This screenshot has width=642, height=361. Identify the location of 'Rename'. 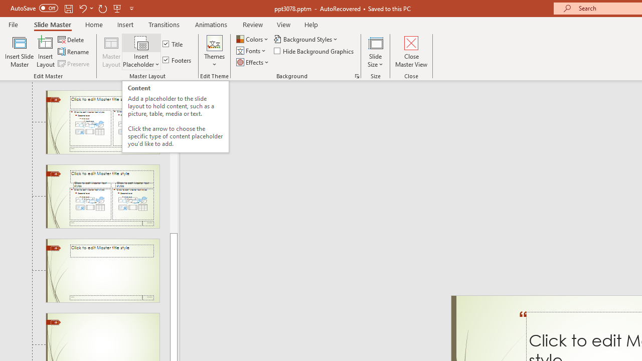
(74, 52).